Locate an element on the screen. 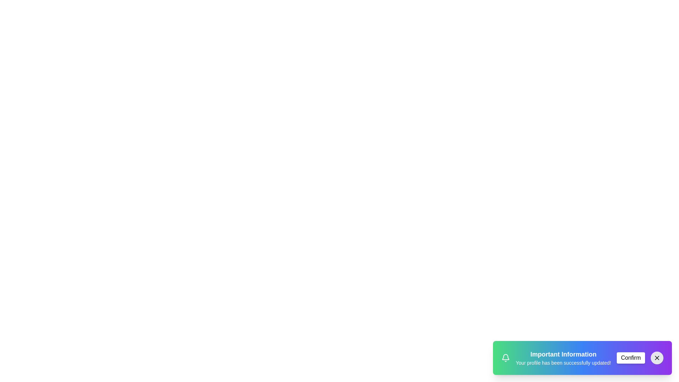 Image resolution: width=679 pixels, height=382 pixels. the close button to dismiss the snackbar is located at coordinates (656, 358).